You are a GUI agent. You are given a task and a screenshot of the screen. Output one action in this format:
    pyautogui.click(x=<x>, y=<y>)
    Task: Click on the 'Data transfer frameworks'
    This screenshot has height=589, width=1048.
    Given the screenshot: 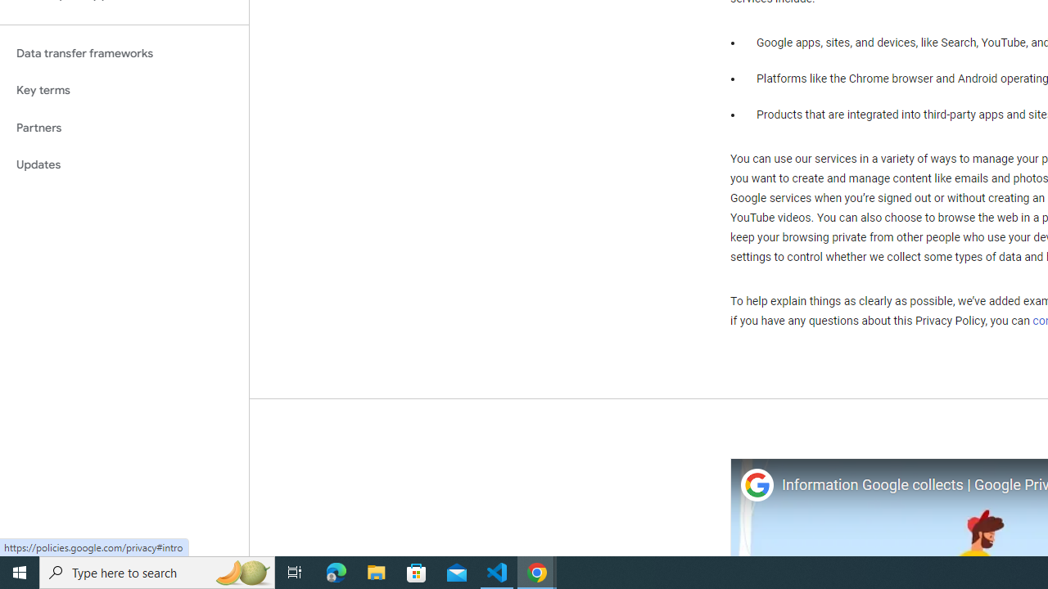 What is the action you would take?
    pyautogui.click(x=124, y=52)
    